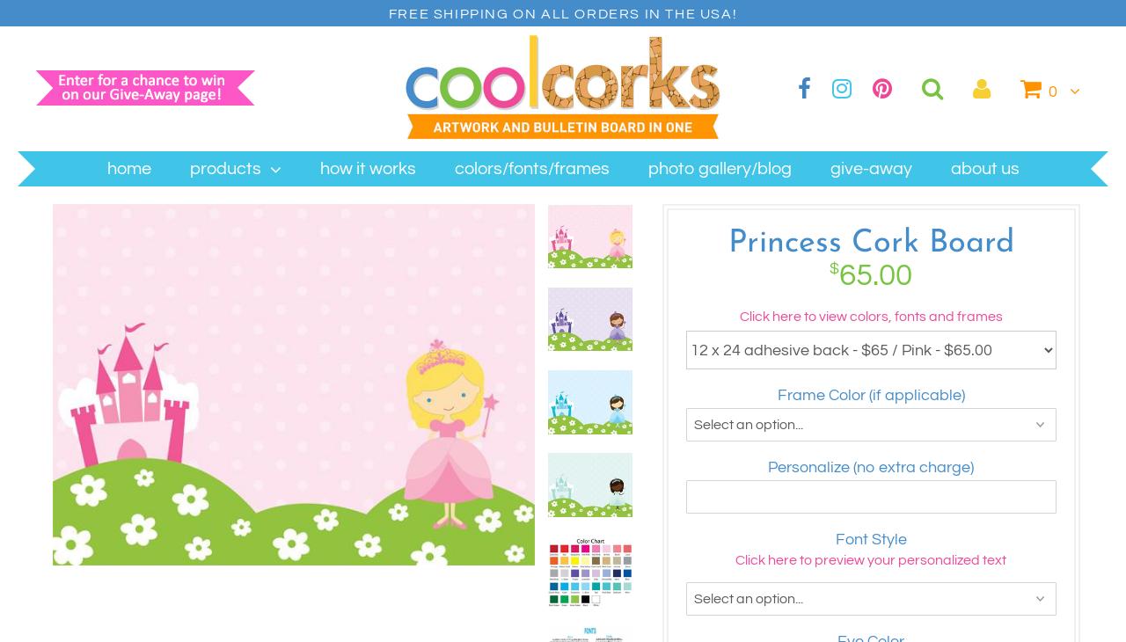 The width and height of the screenshot is (1126, 642). Describe the element at coordinates (497, 100) in the screenshot. I see `'Personalization Preview'` at that location.